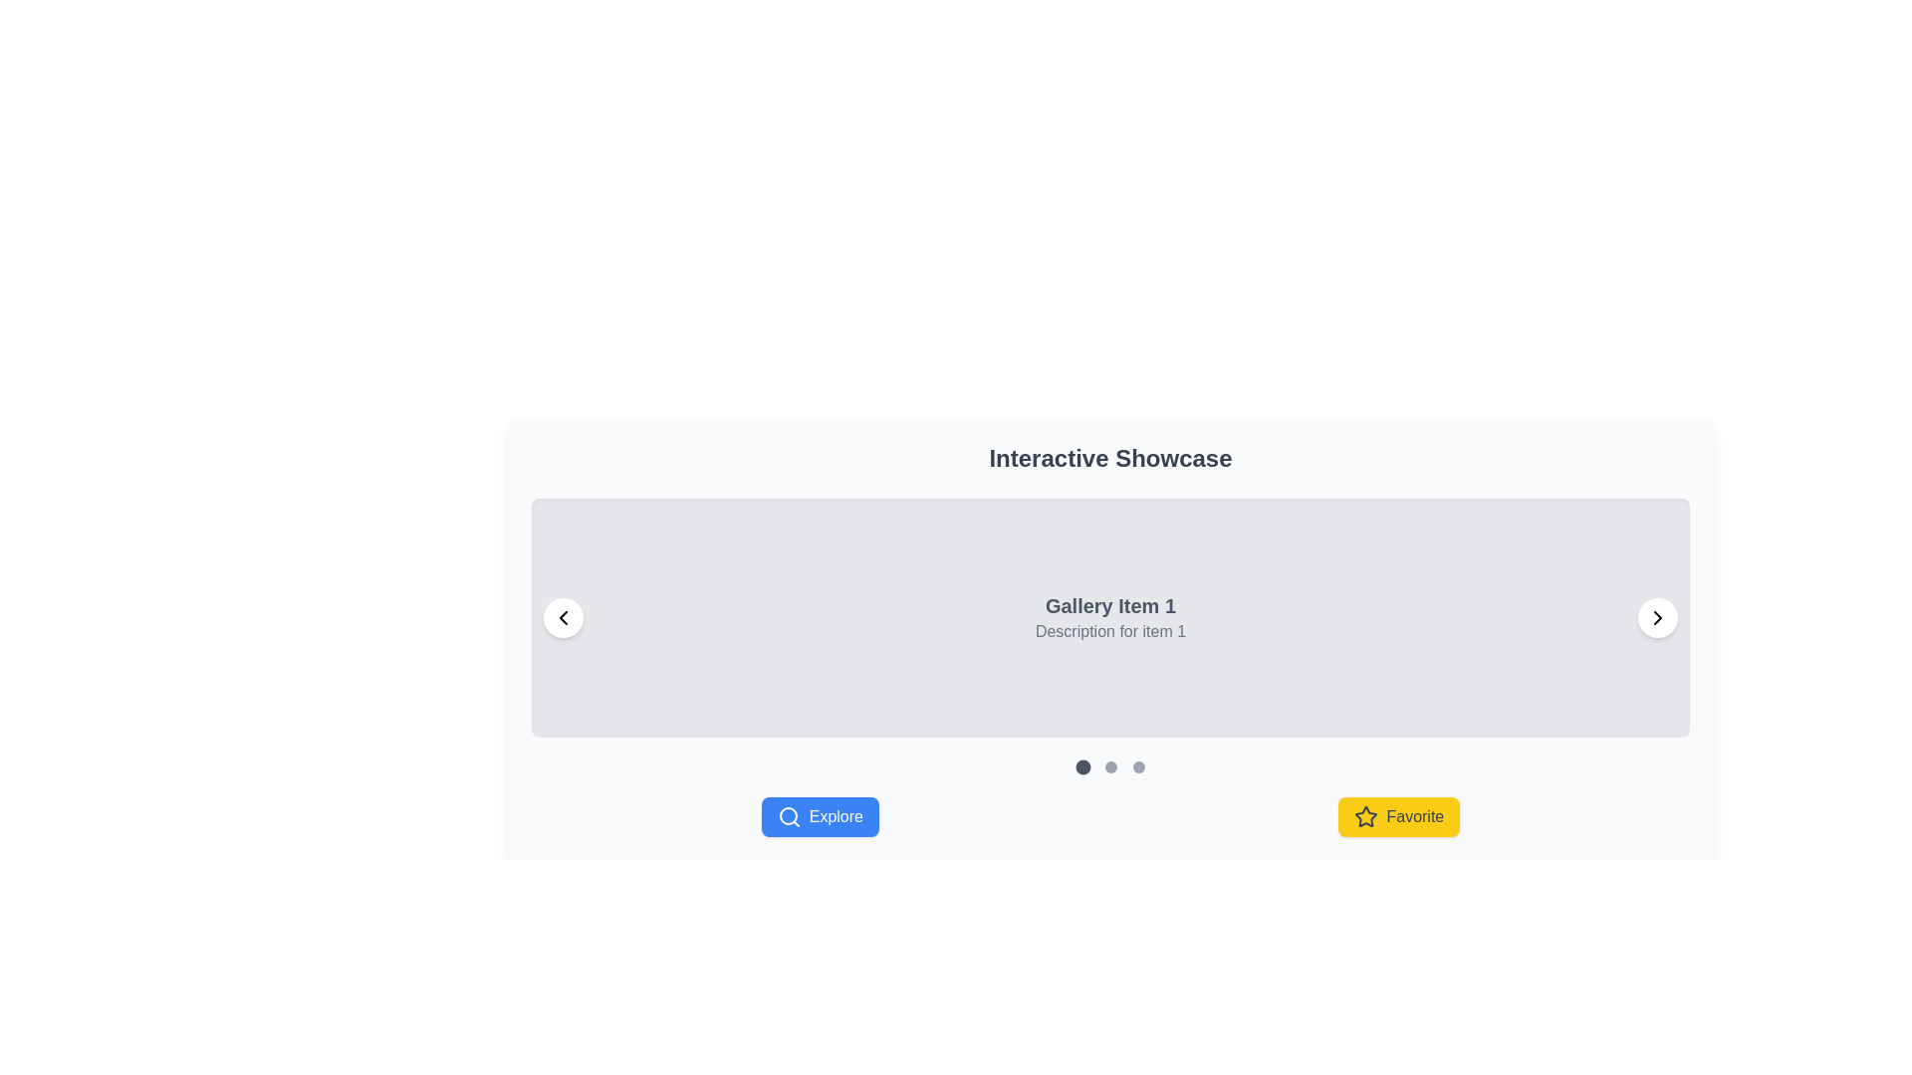  I want to click on the circular Icon Component element that is part of the 'Explore' button located at the bottom left corner of the interface, so click(787, 816).